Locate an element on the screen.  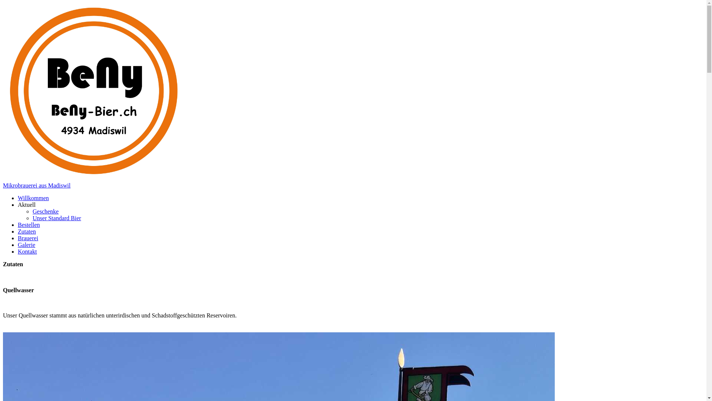
'Geschenke' is located at coordinates (45, 211).